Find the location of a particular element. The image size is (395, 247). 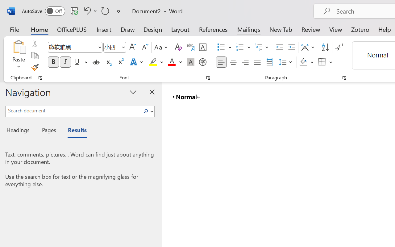

'Subscript' is located at coordinates (108, 62).